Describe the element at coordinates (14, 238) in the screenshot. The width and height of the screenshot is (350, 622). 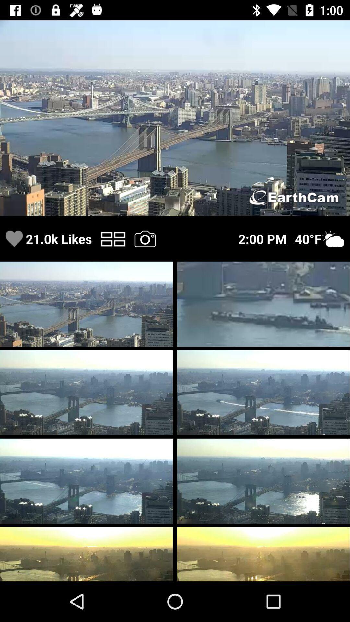
I see `the favorite icon` at that location.